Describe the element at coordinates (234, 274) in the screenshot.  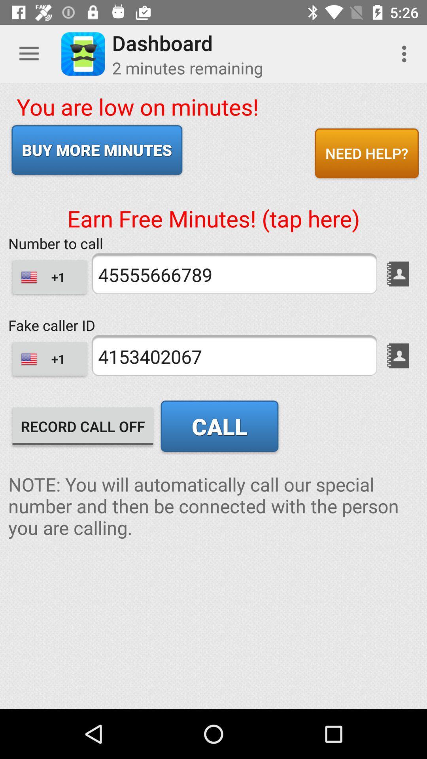
I see `the item below number to call` at that location.